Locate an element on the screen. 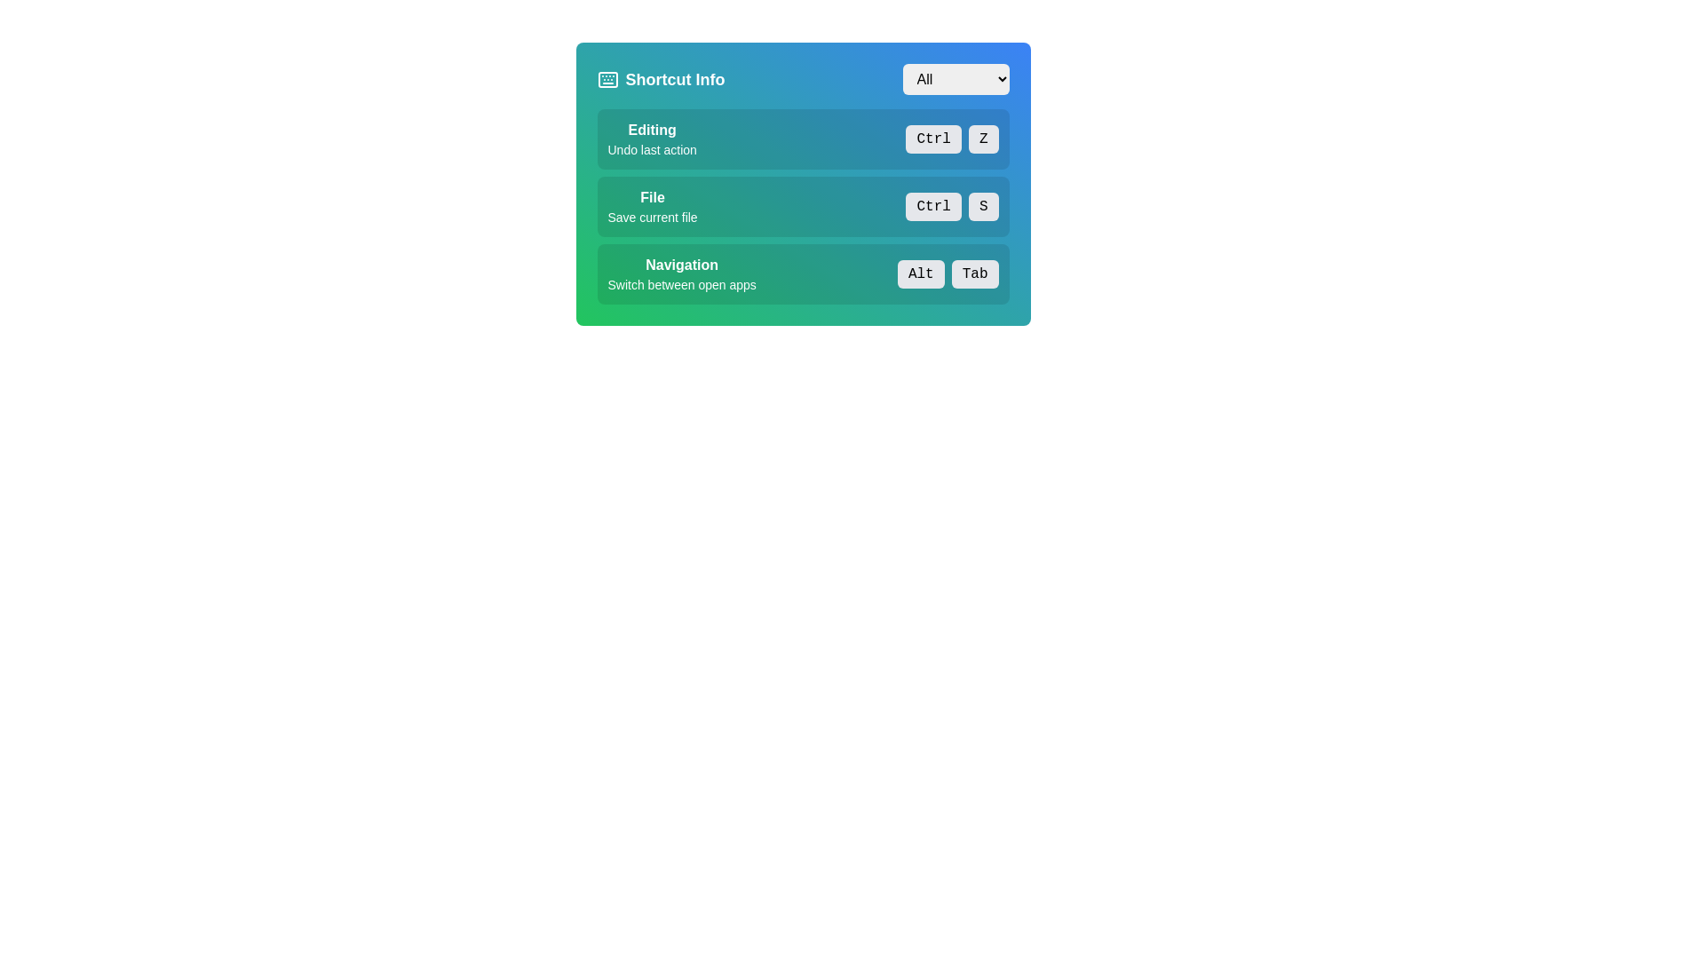 The image size is (1705, 959). the word 'All' in the 'Shortcut Info' title bar is located at coordinates (802, 78).